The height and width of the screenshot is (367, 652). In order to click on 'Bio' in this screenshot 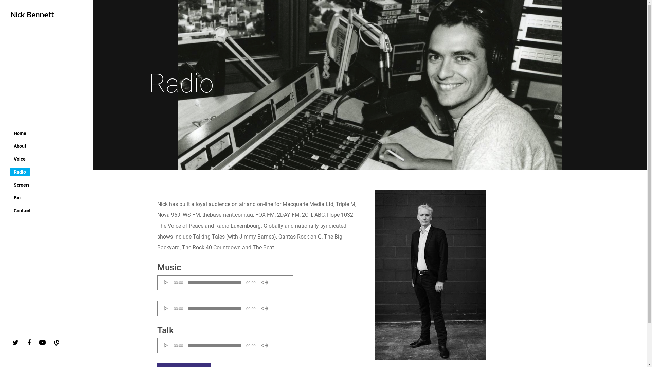, I will do `click(17, 197)`.